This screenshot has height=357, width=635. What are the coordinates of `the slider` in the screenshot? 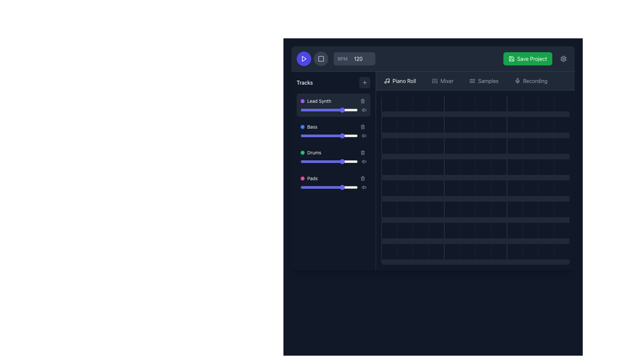 It's located at (339, 162).